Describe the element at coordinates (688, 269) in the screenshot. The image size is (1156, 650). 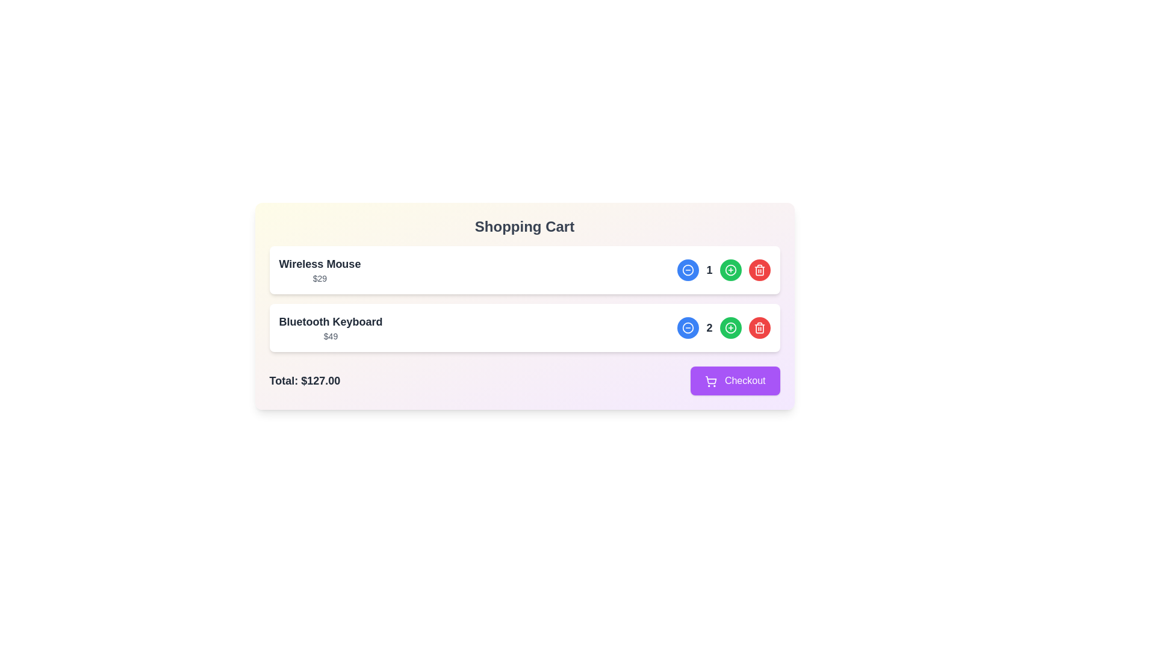
I see `the first circular button to decrease the quantity of the Wireless Mouse in the shopping cart to trigger a visual change` at that location.